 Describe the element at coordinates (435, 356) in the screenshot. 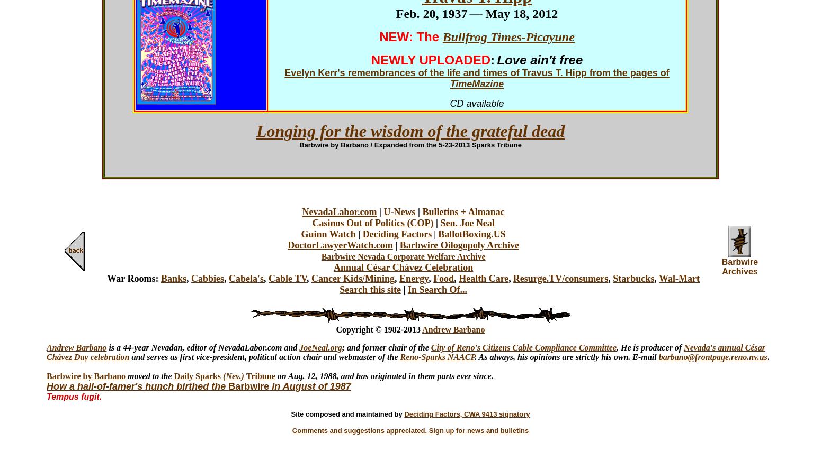

I see `'Reno-Sparks NAACP'` at that location.